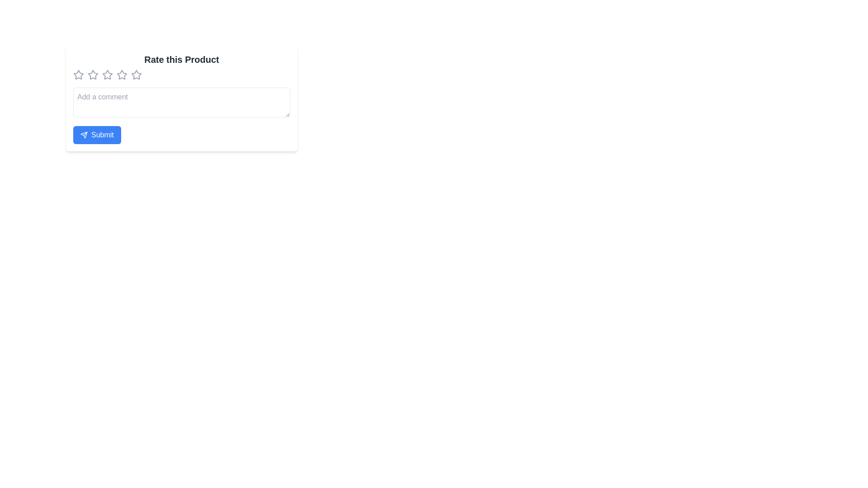  Describe the element at coordinates (136, 74) in the screenshot. I see `the fifth star icon in the rating component` at that location.